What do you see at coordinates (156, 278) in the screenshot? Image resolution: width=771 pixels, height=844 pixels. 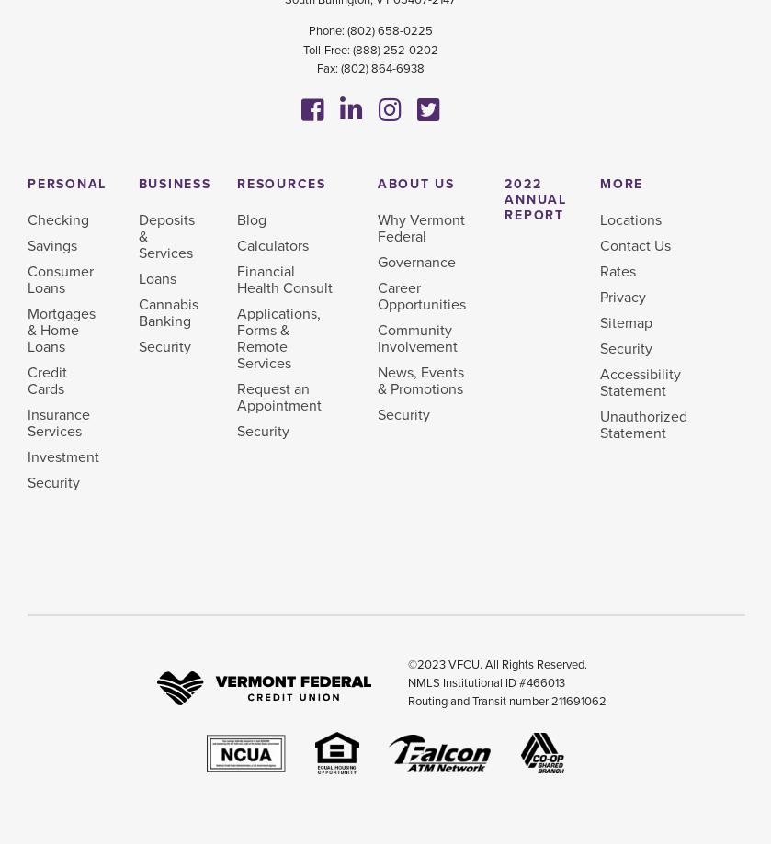 I see `'Loans'` at bounding box center [156, 278].